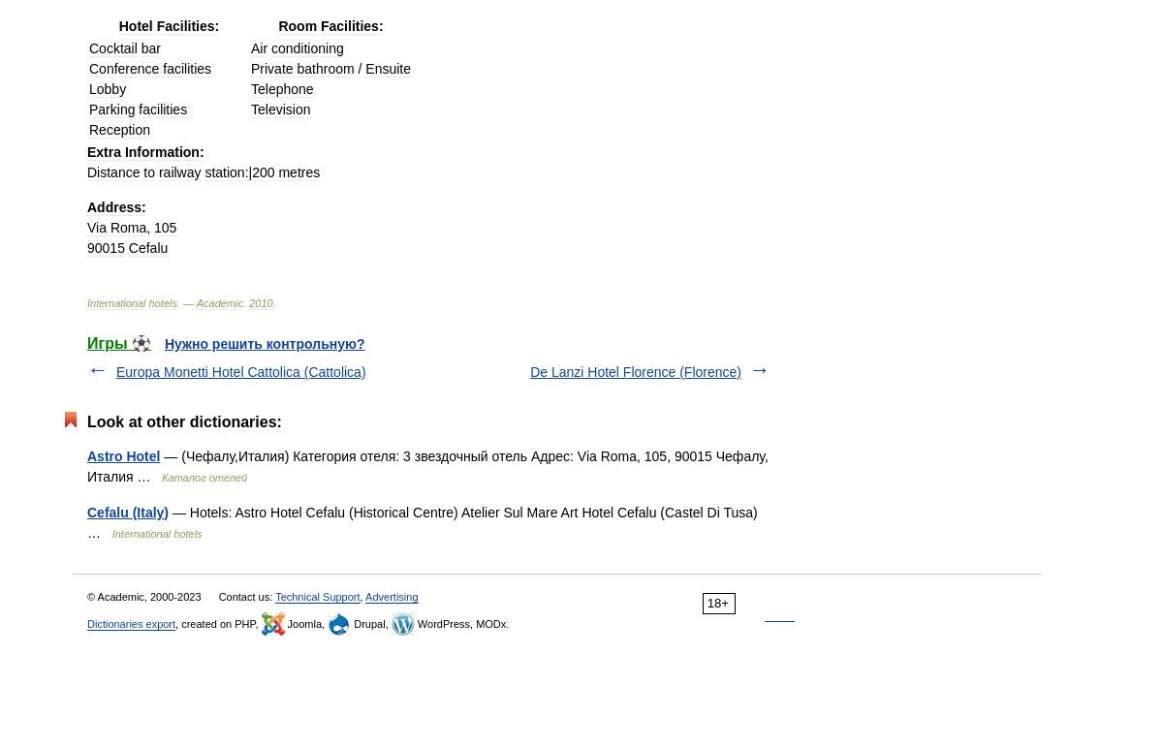  What do you see at coordinates (279, 109) in the screenshot?
I see `'Television'` at bounding box center [279, 109].